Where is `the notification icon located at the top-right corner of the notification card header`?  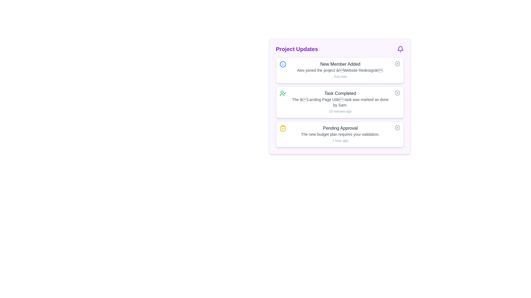
the notification icon located at the top-right corner of the notification card header is located at coordinates (400, 48).